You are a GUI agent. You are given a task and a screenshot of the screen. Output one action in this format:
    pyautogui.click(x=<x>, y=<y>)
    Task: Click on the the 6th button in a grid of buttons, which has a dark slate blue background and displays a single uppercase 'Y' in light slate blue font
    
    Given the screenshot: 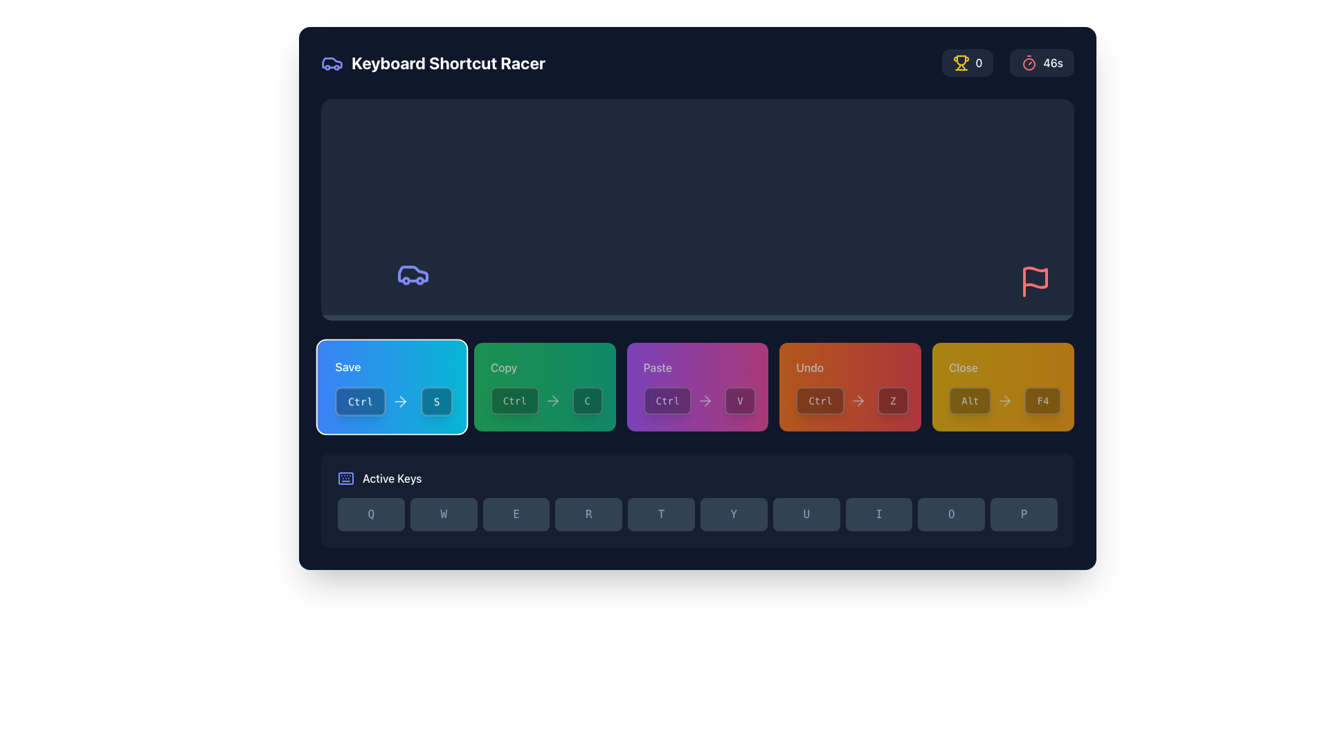 What is the action you would take?
    pyautogui.click(x=733, y=515)
    